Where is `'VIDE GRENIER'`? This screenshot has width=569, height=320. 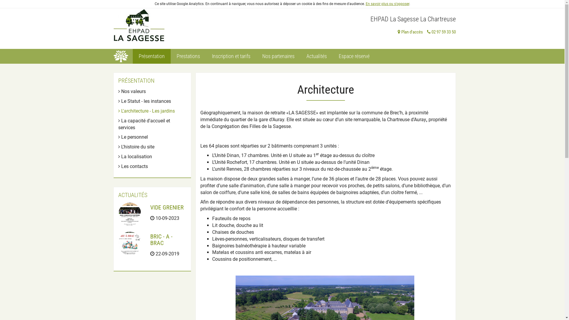
'VIDE GRENIER' is located at coordinates (150, 207).